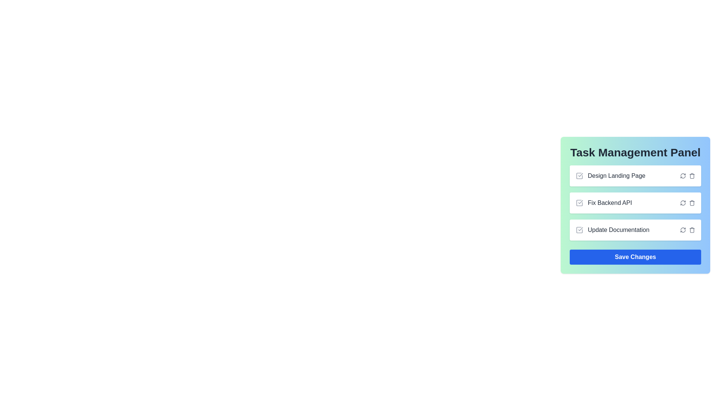  I want to click on the checkbox next to the text 'Update Documentation', so click(579, 230).